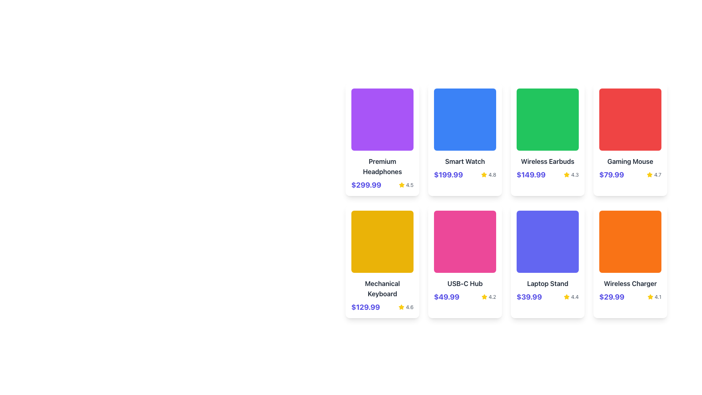 Image resolution: width=702 pixels, height=395 pixels. I want to click on the Rating Star Icon, which visually represents the rating for a product, located to the left of the text '4.1', so click(650, 297).